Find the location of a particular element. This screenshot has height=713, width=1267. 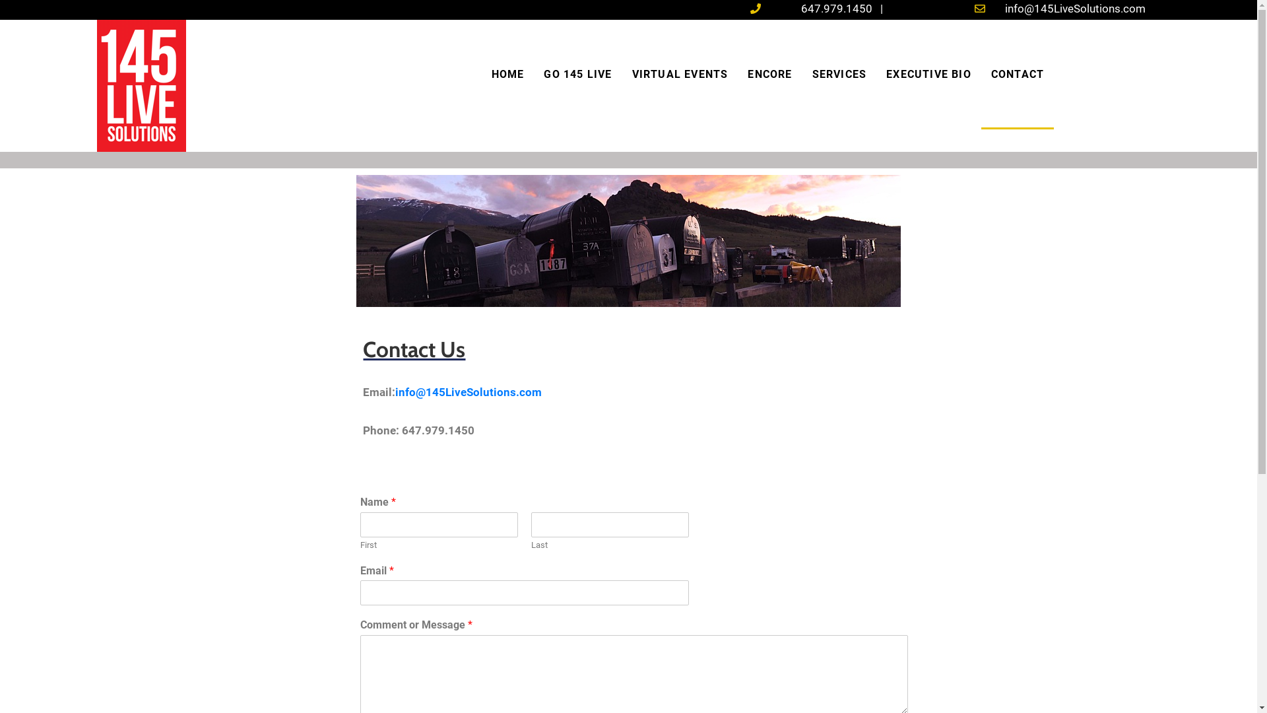

'EXECUTIVE BIO' is located at coordinates (928, 74).